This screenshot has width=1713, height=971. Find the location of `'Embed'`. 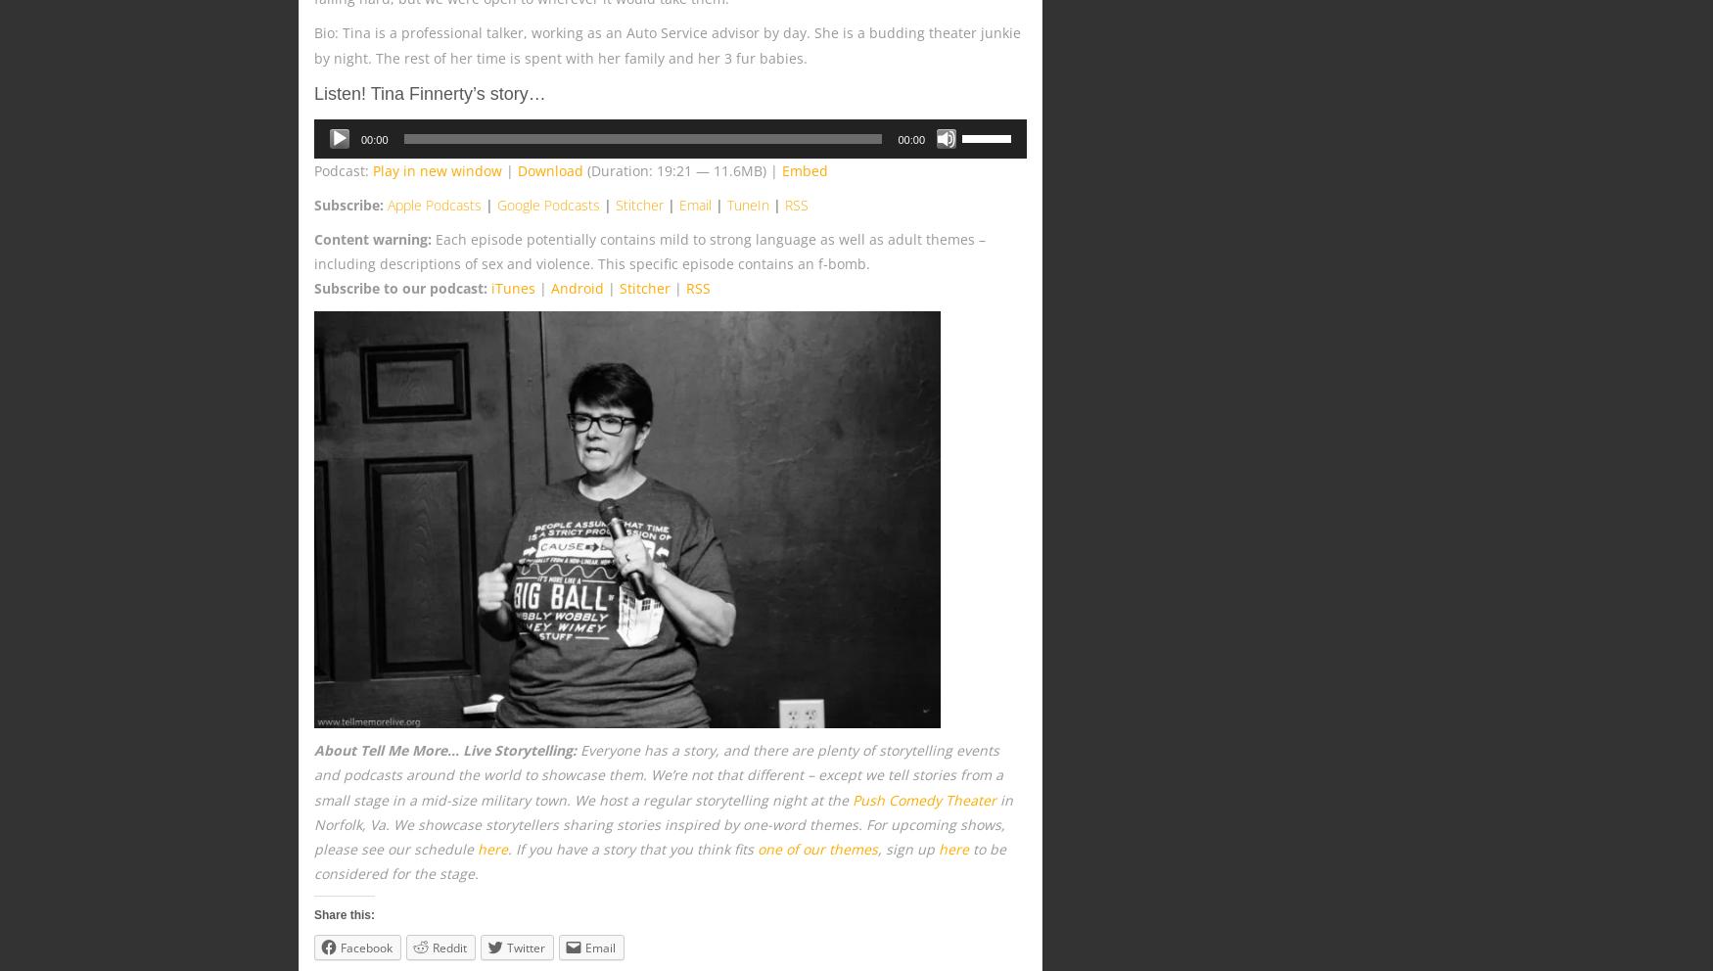

'Embed' is located at coordinates (781, 168).